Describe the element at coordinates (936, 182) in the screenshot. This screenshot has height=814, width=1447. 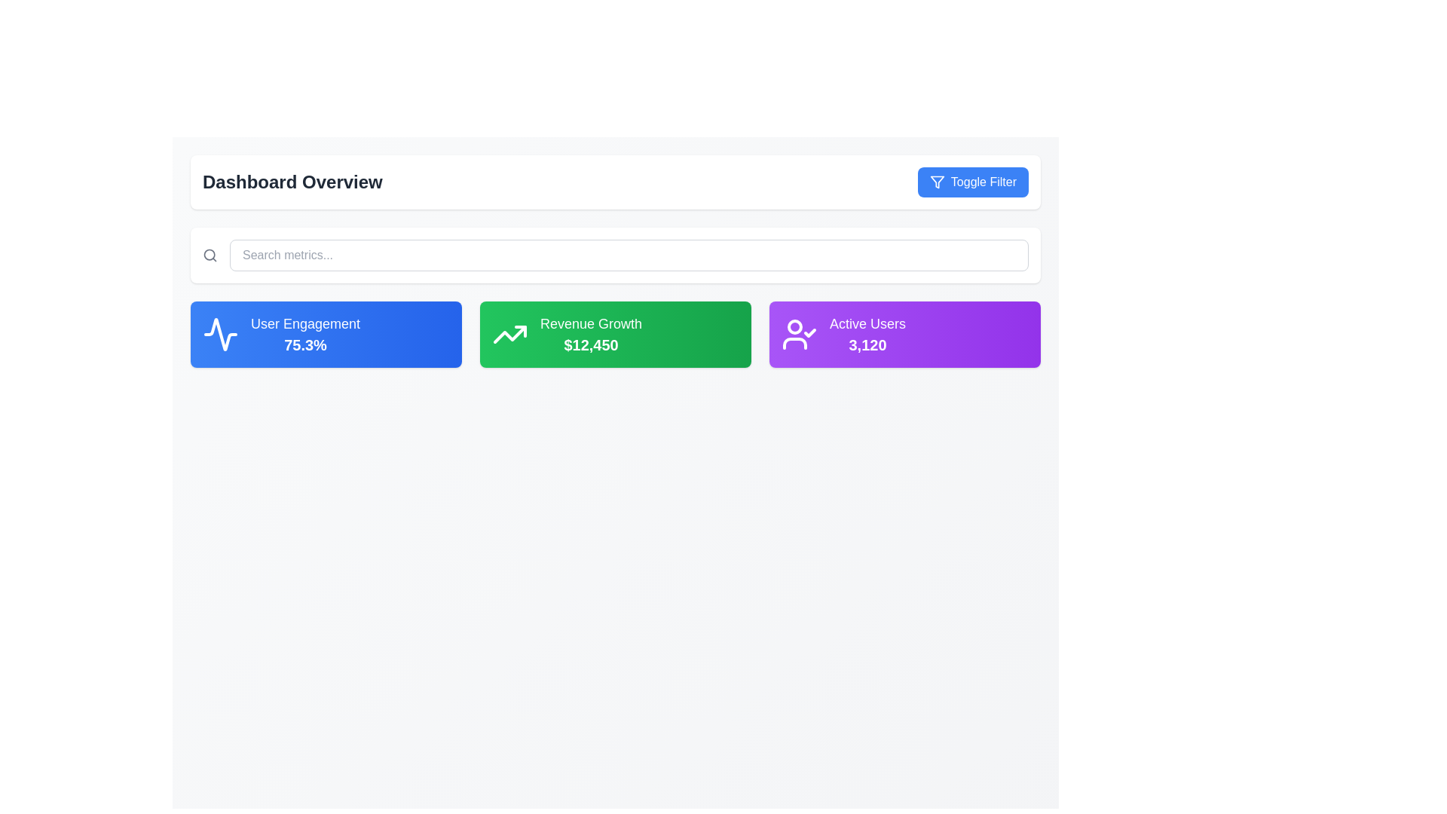
I see `the Filter Icon within the SVG for visual indication of the filter functionality on the dashboard` at that location.